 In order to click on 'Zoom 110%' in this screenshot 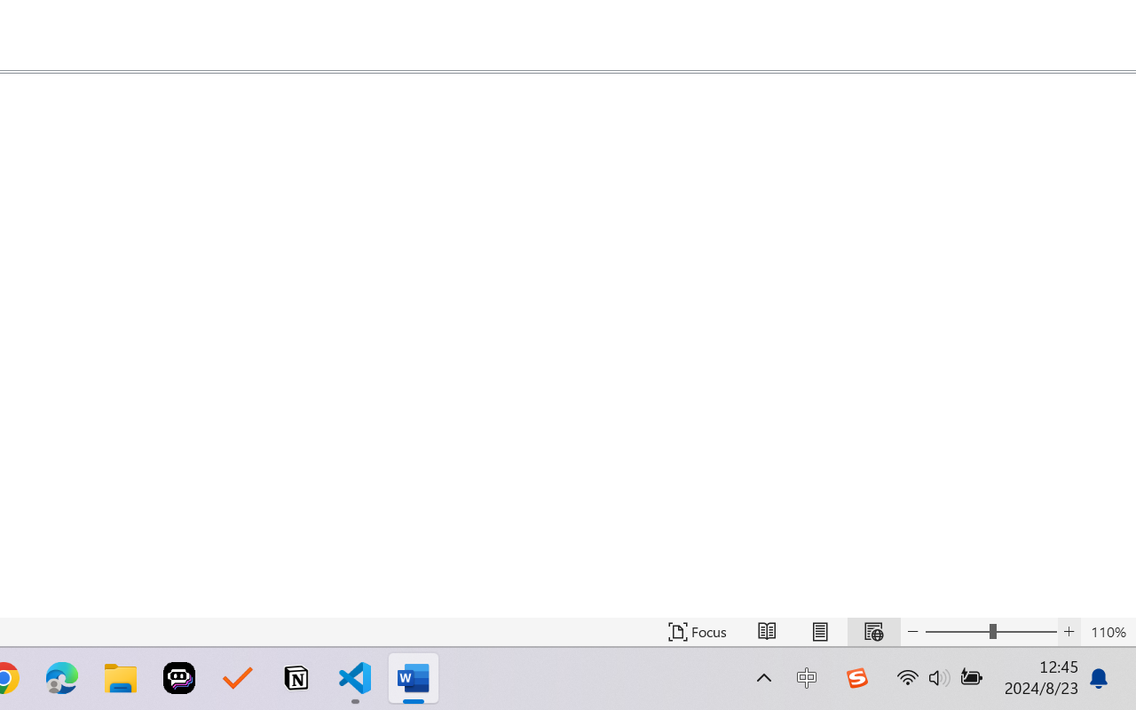, I will do `click(1108, 631)`.